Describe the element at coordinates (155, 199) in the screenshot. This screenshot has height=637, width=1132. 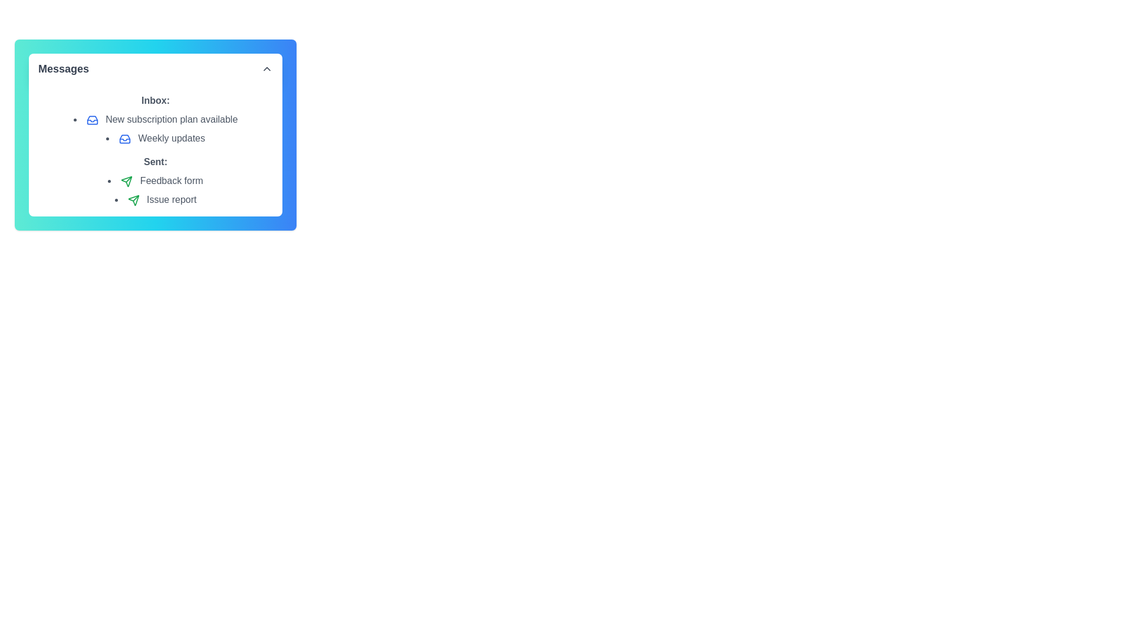
I see `the second list item under the 'Sent' category in the 'Messages' section` at that location.